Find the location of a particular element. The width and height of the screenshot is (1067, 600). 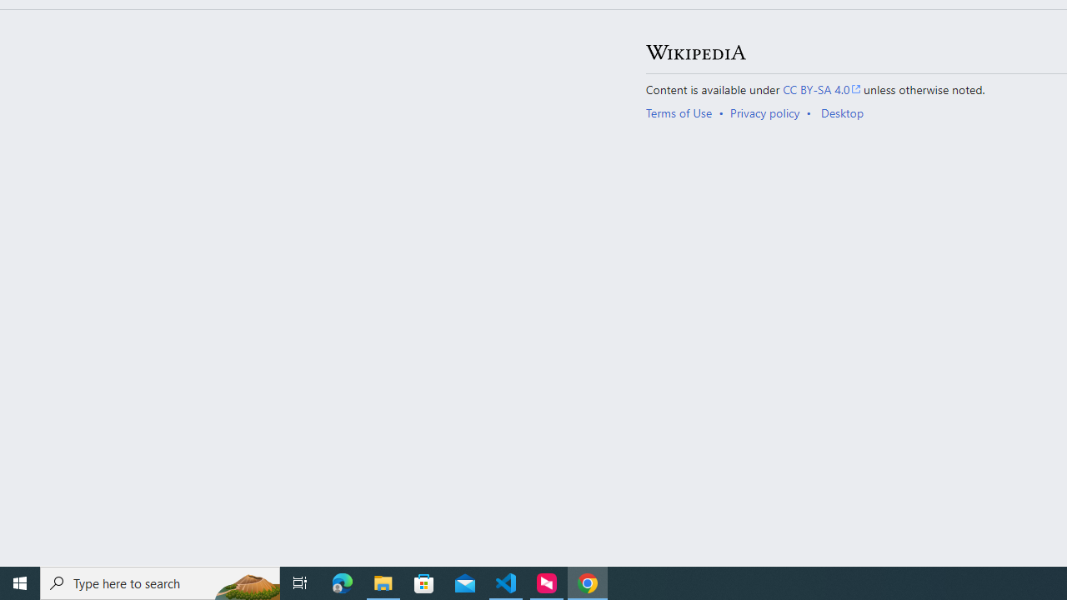

'Desktop' is located at coordinates (842, 112).